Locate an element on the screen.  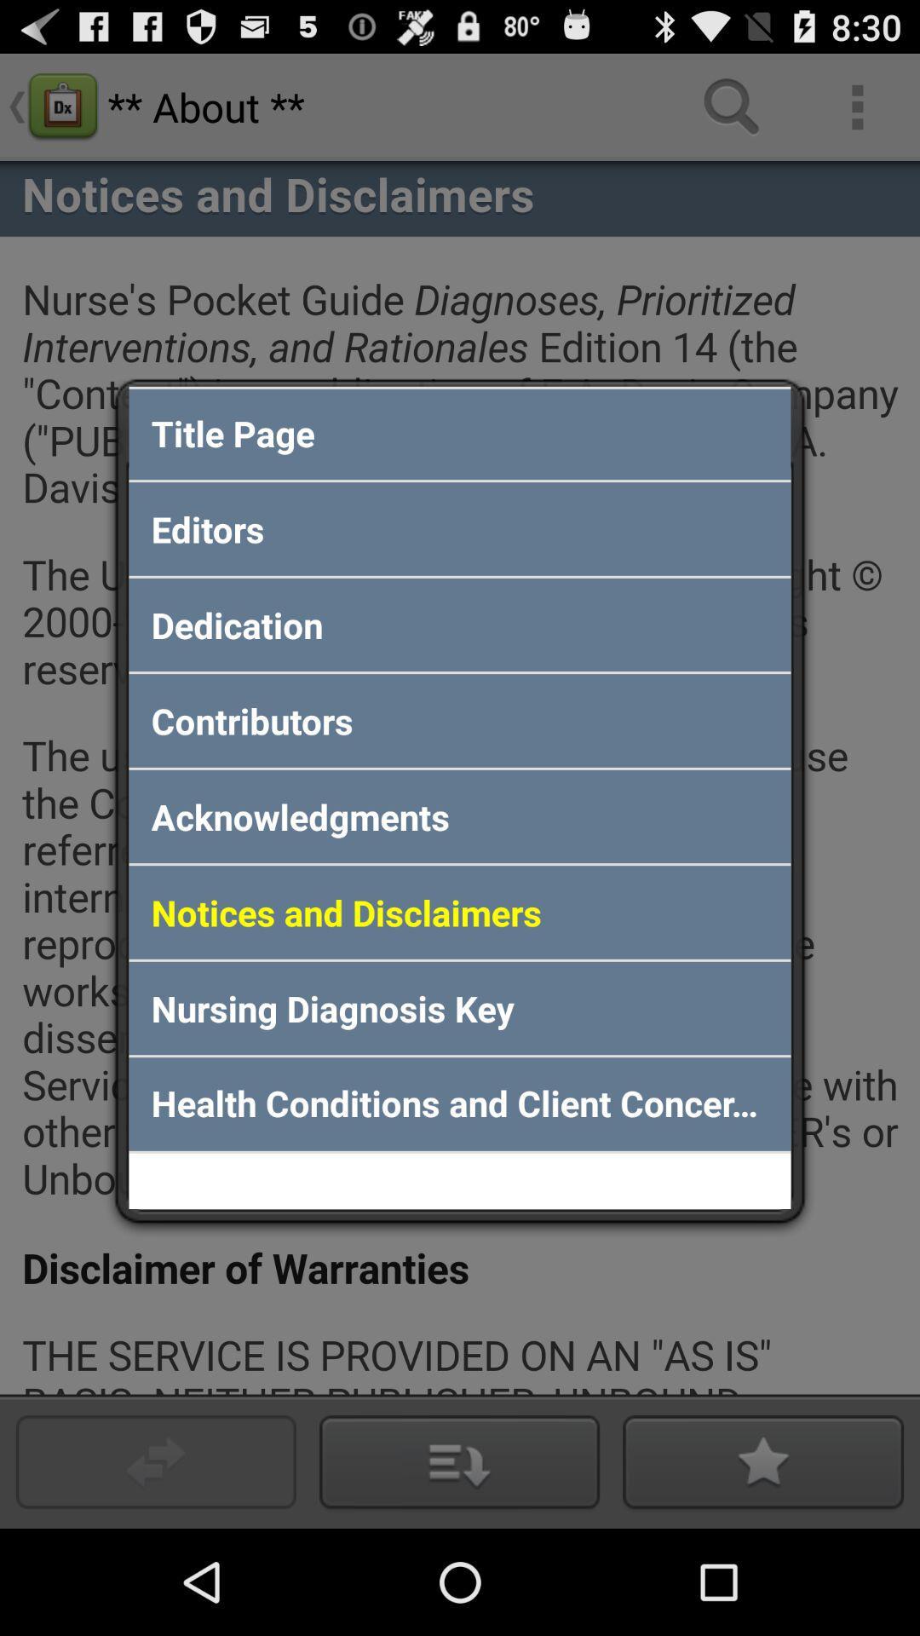
app above nursing diagnosis key item is located at coordinates (460, 911).